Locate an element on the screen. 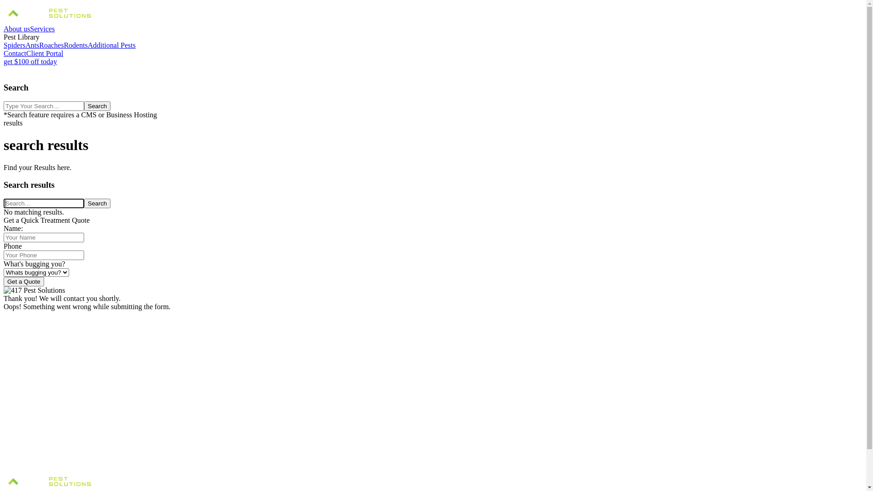 This screenshot has width=873, height=491. 'Spiders' is located at coordinates (15, 45).